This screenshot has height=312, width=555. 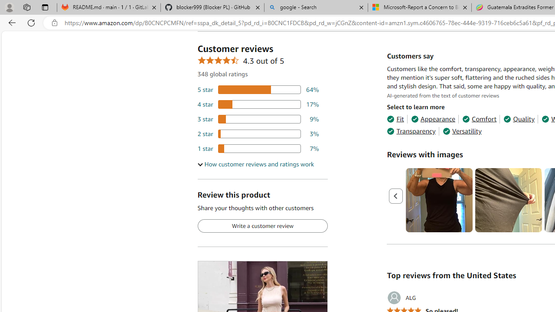 I want to click on '7 percent of reviews have 1 stars', so click(x=258, y=148).